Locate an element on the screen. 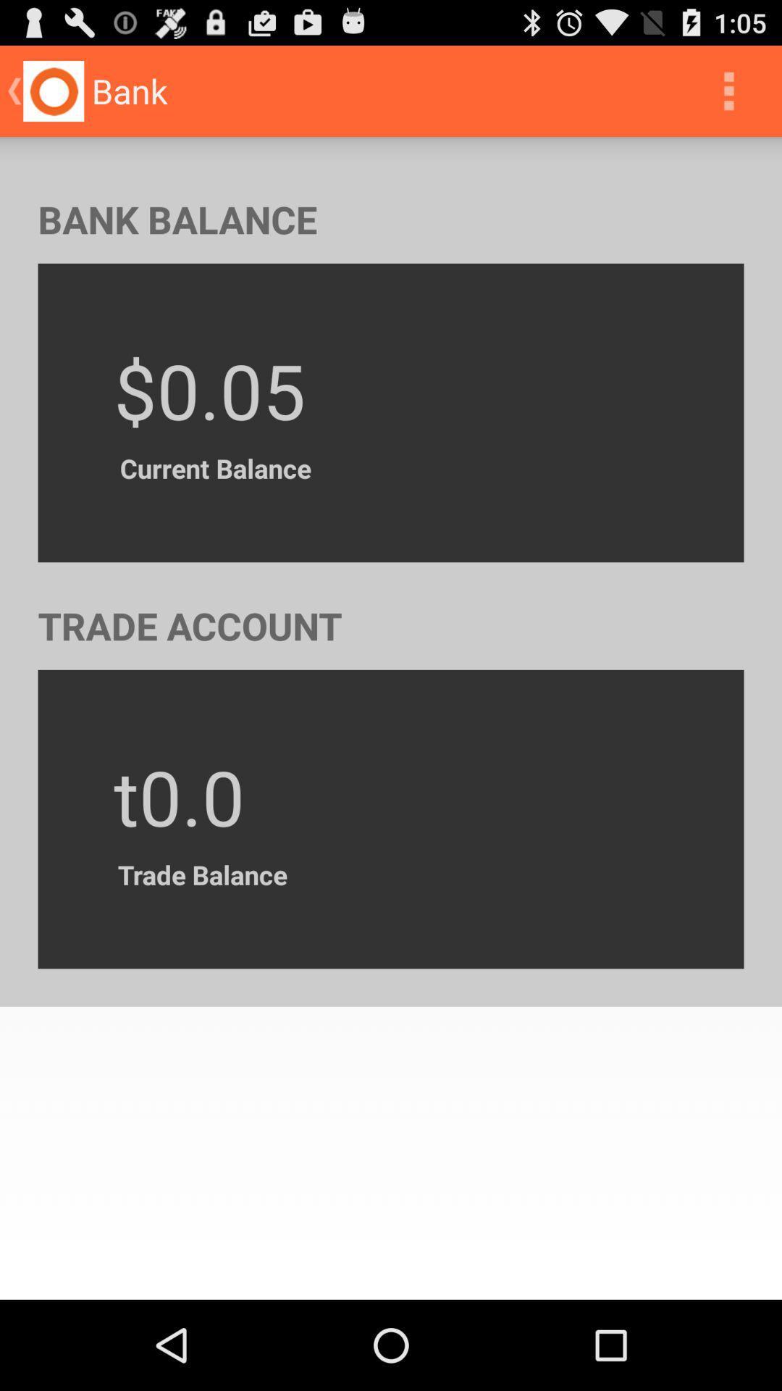 This screenshot has height=1391, width=782. the icon at the top right corner is located at coordinates (728, 90).